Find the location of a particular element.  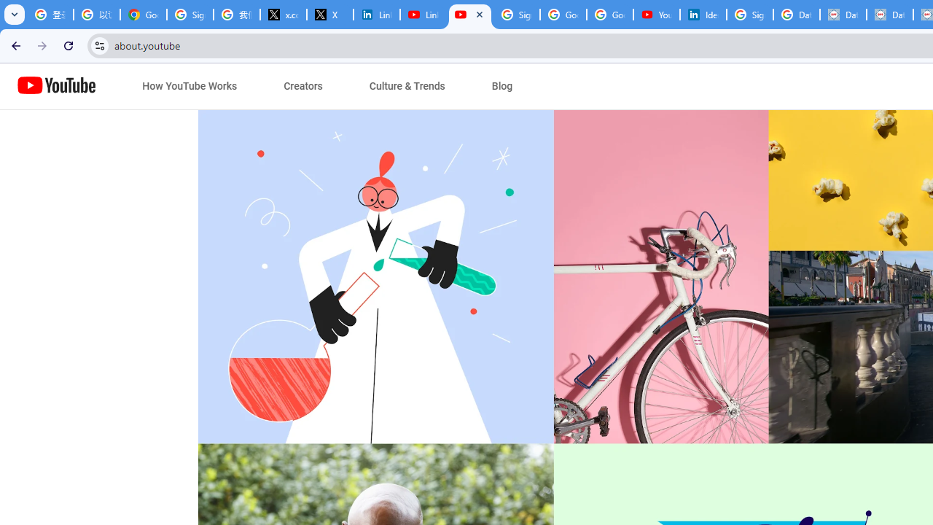

'About YouTube - YouTube' is located at coordinates (470, 15).